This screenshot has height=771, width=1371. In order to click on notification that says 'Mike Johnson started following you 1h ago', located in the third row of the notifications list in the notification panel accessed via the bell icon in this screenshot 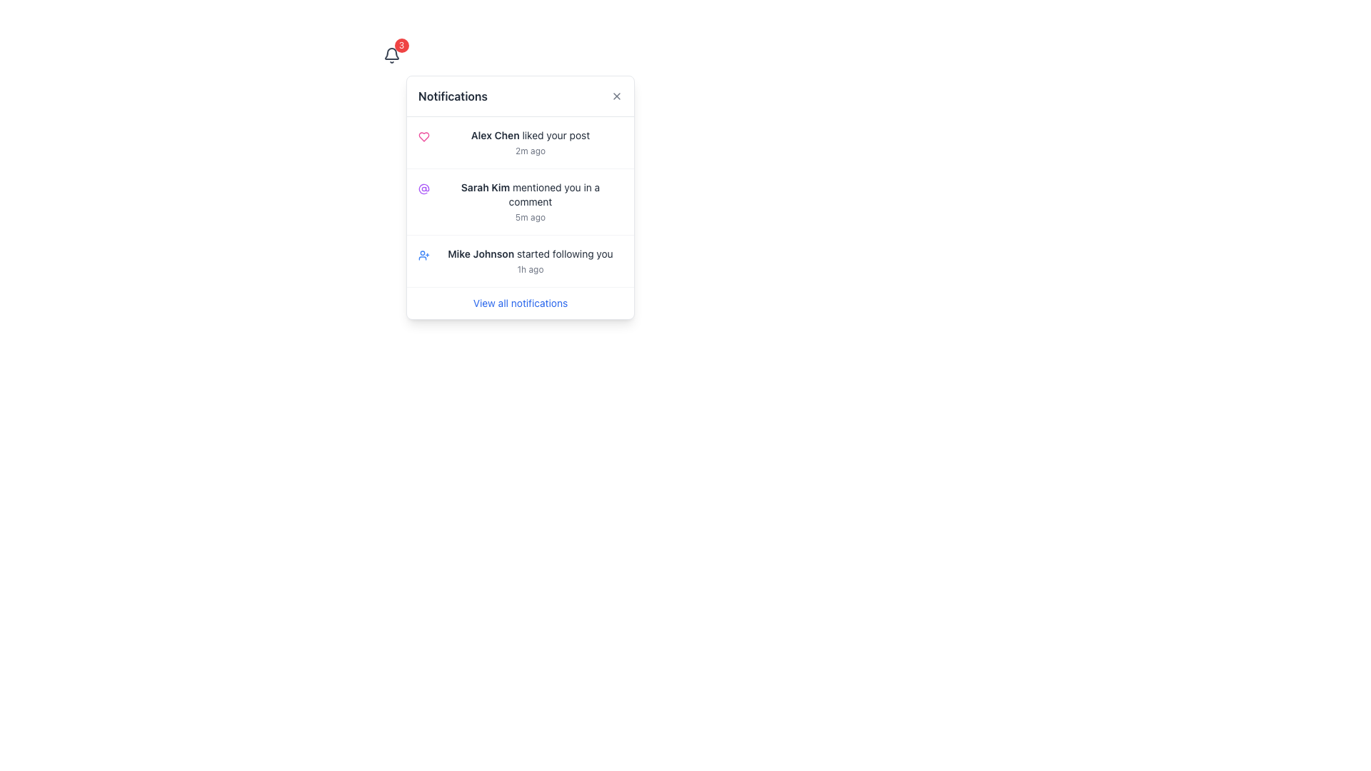, I will do `click(530, 261)`.